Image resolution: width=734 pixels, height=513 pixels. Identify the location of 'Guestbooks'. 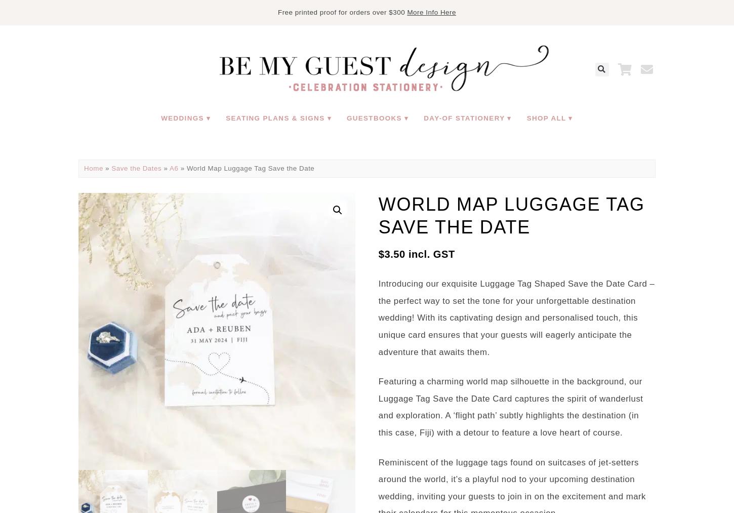
(374, 117).